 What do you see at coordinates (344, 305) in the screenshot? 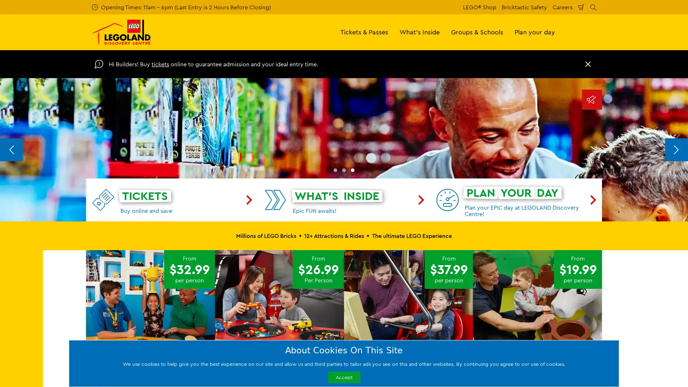
I see `Go to slide 2` at bounding box center [344, 305].